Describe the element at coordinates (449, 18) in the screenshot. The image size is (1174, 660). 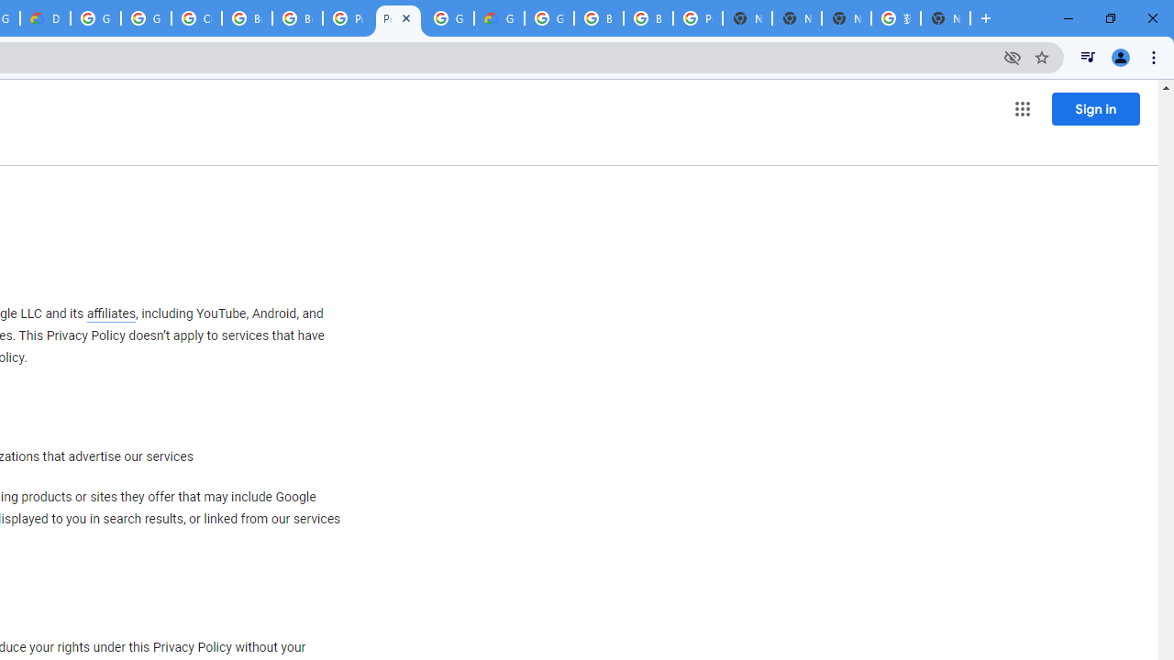
I see `'Google Cloud Platform'` at that location.